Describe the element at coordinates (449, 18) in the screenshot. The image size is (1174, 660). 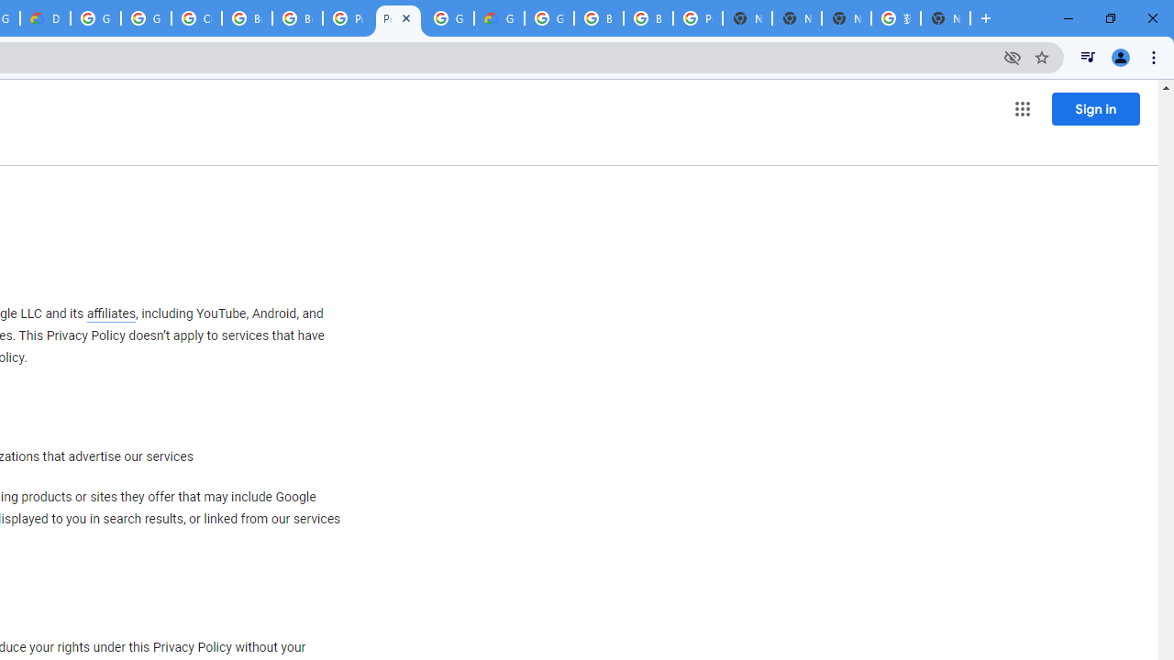
I see `'Google Cloud Platform'` at that location.